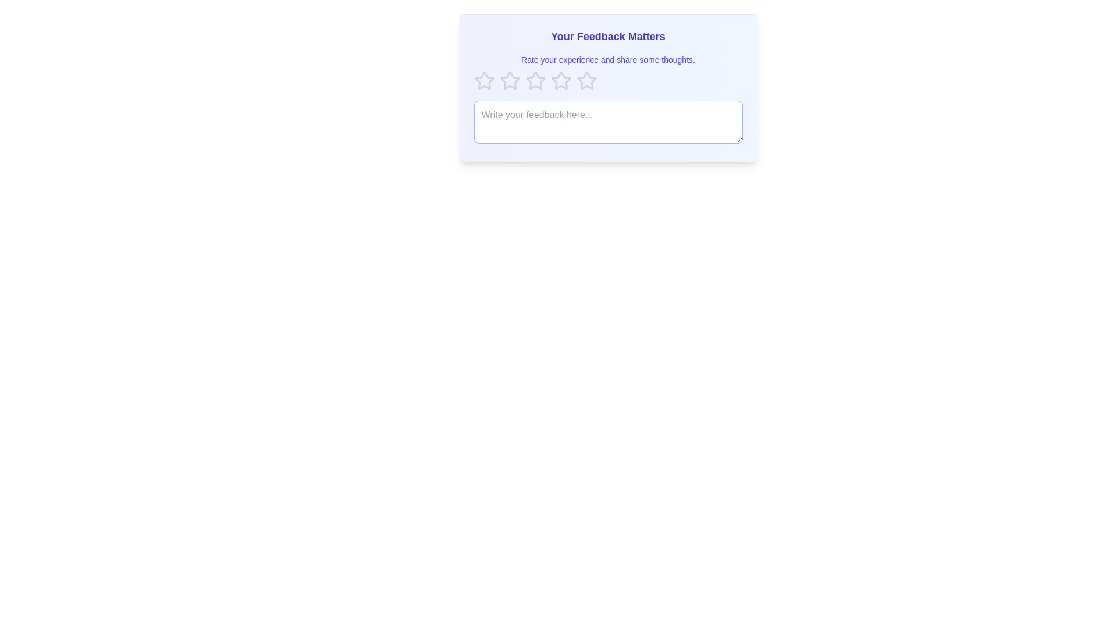 This screenshot has width=1117, height=628. Describe the element at coordinates (535, 80) in the screenshot. I see `the star corresponding to the desired rating 3` at that location.